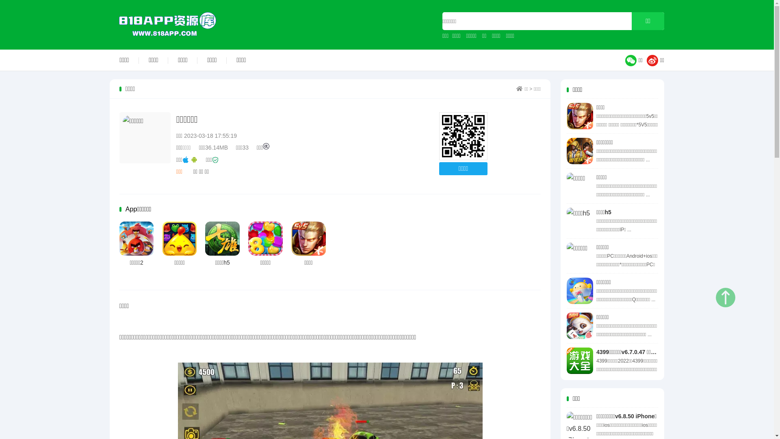  Describe the element at coordinates (442, 136) in the screenshot. I see `'http://www.818app.com'` at that location.